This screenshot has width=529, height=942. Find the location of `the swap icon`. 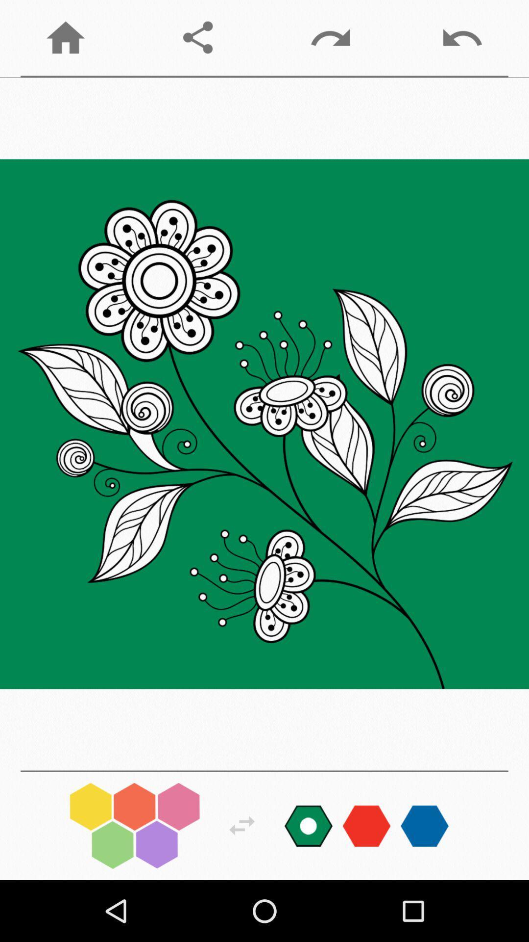

the swap icon is located at coordinates (242, 825).